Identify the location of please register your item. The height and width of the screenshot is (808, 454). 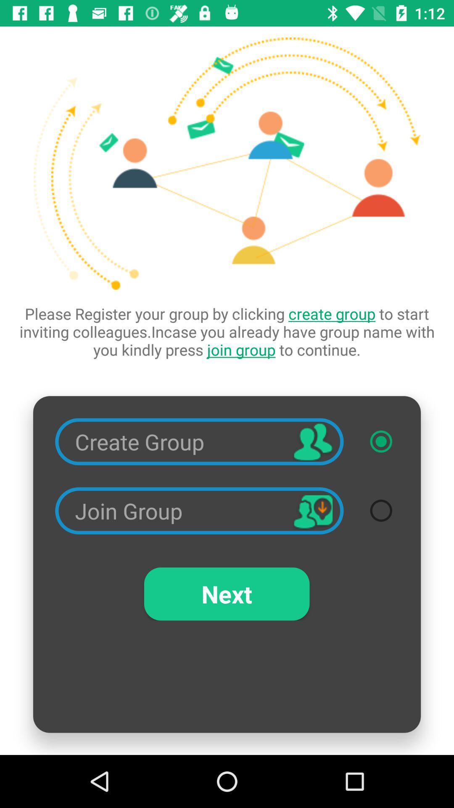
(227, 331).